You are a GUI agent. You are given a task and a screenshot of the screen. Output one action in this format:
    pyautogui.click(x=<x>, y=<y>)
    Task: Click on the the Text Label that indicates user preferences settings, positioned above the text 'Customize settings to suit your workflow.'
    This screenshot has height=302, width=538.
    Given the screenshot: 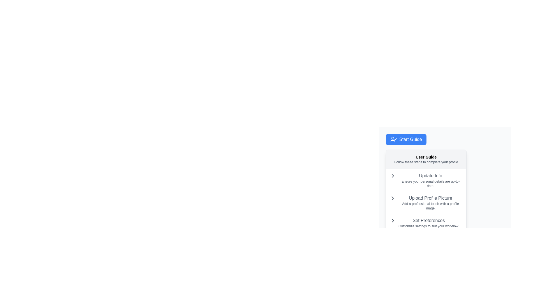 What is the action you would take?
    pyautogui.click(x=428, y=220)
    